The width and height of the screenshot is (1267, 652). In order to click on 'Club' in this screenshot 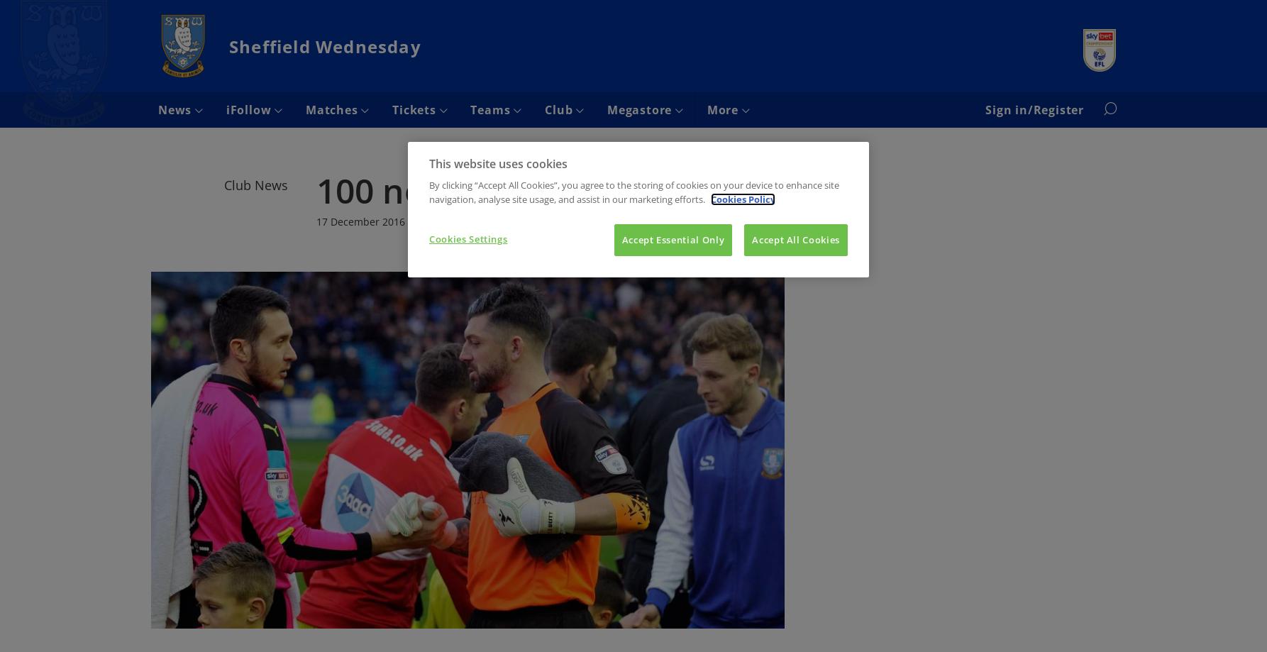, I will do `click(559, 109)`.